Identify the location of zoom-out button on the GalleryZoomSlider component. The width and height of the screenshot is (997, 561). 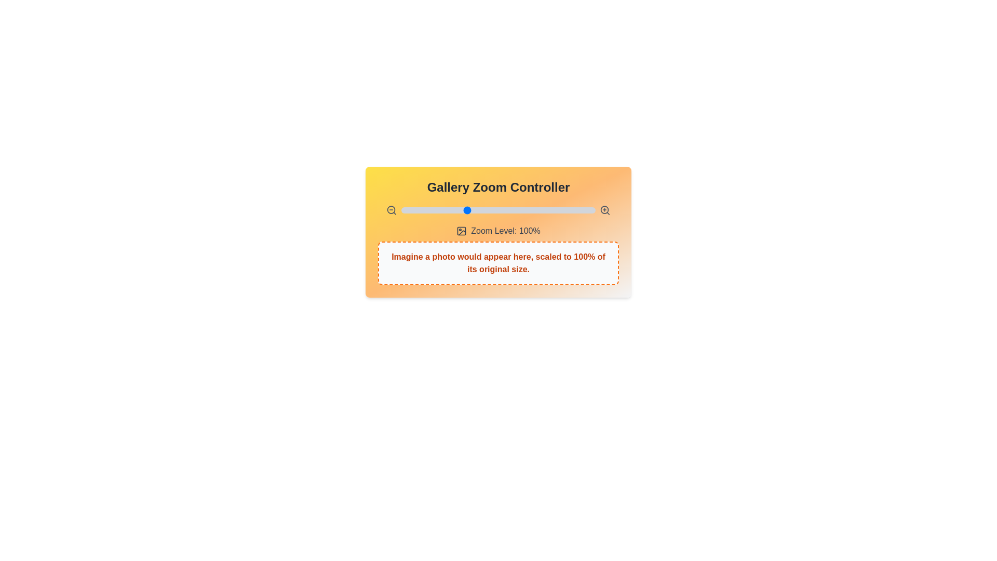
(390, 210).